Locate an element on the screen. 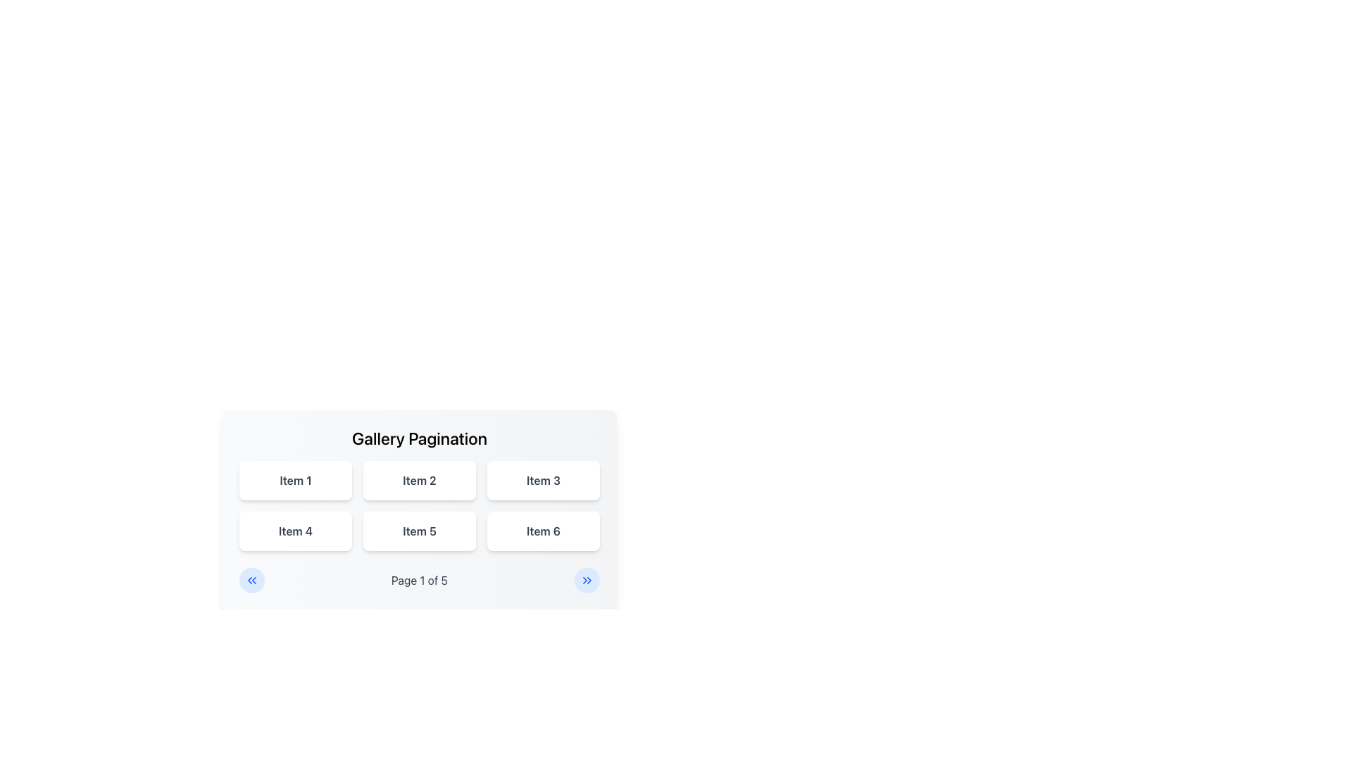  the 'Item 2' button, which is a rectangular button with a white background, rounded corners, and bold dark gray text, located in the first row, second column of a grid layout is located at coordinates (418, 479).